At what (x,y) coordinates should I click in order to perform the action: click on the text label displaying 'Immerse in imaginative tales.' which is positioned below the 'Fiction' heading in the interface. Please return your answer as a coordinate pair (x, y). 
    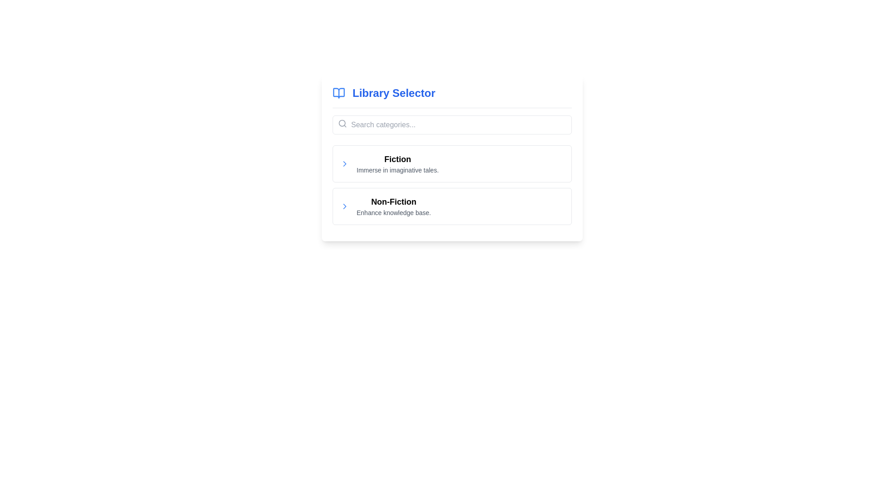
    Looking at the image, I should click on (397, 170).